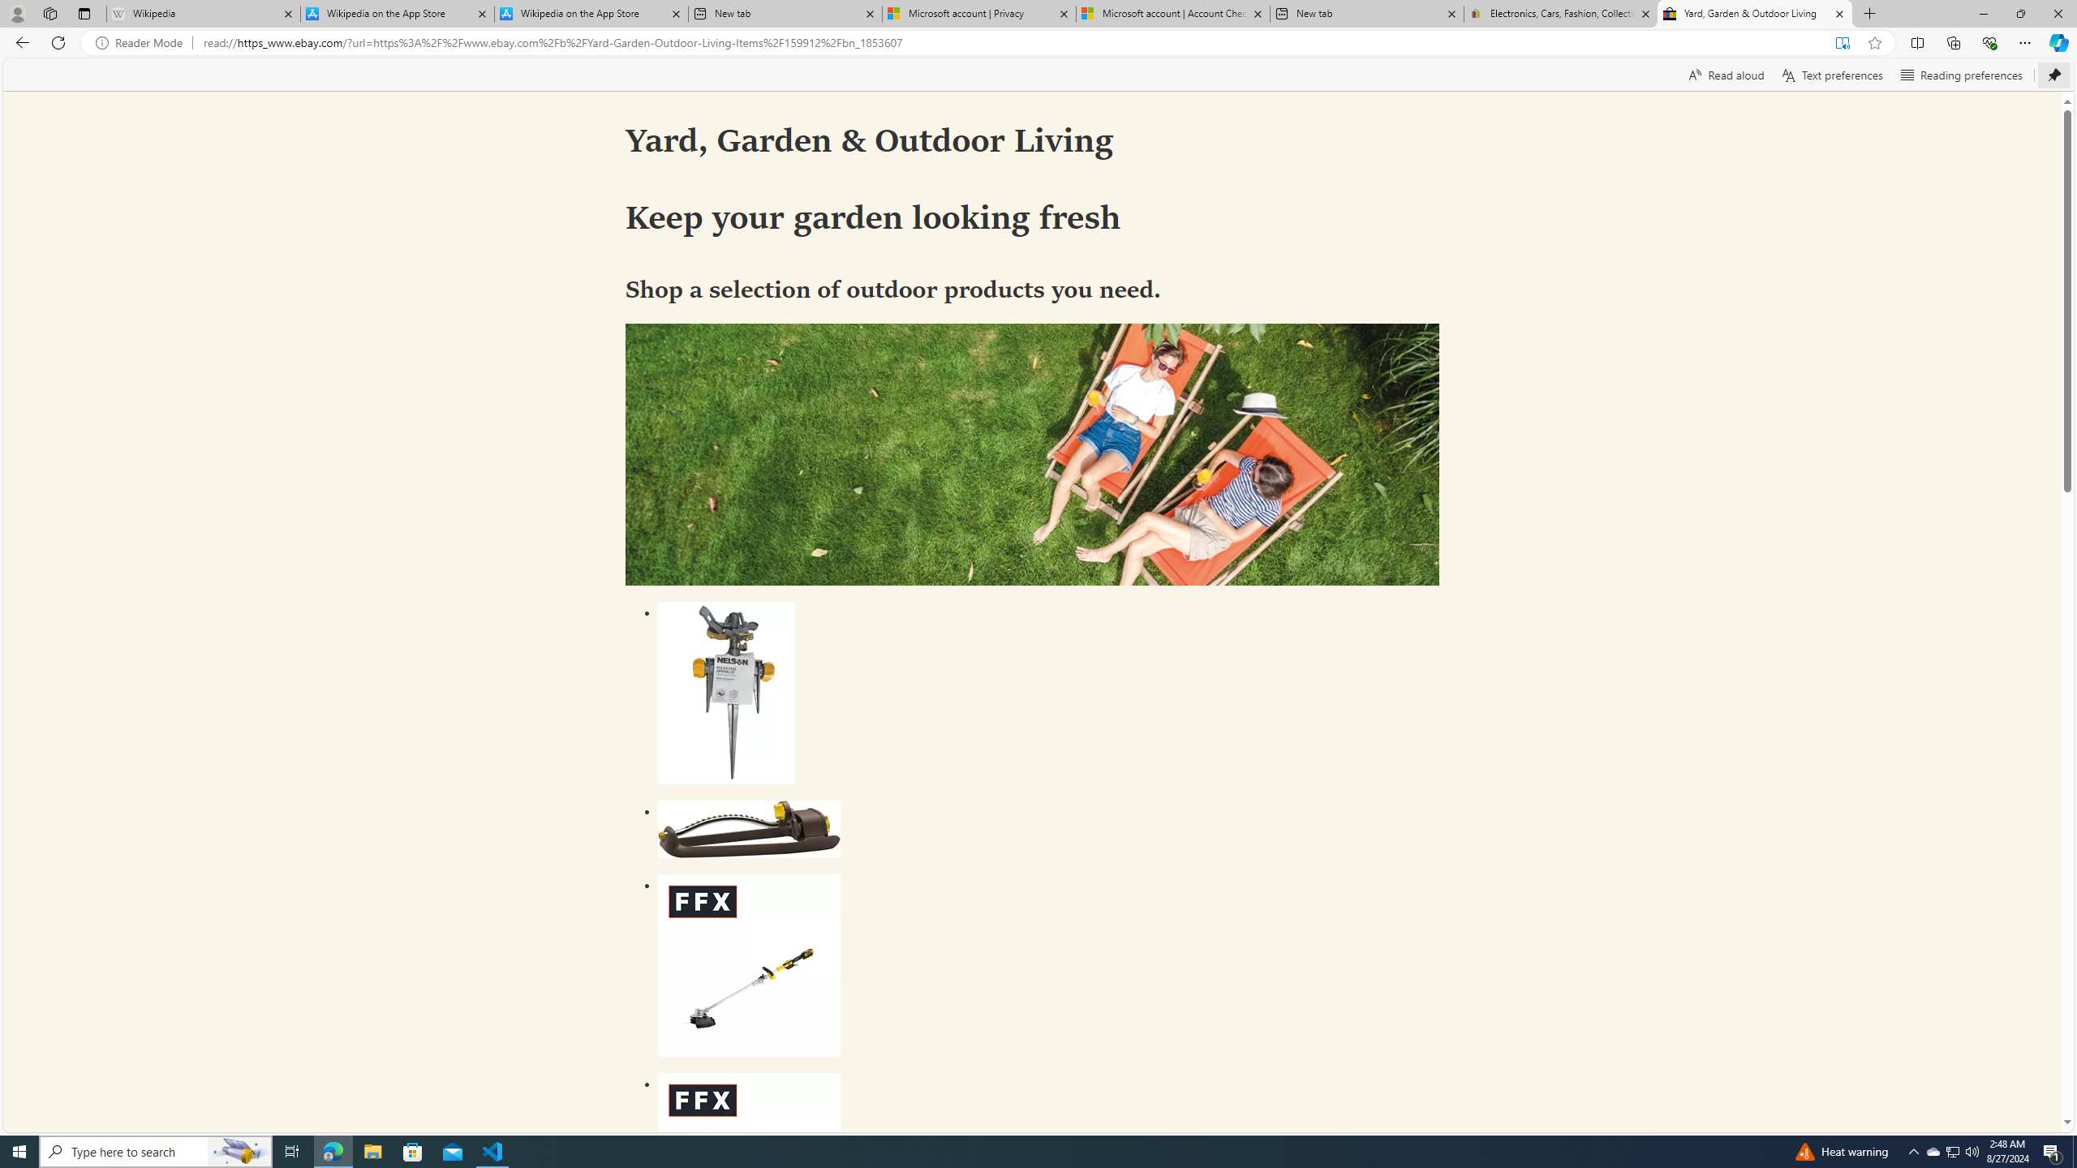 This screenshot has width=2077, height=1168. I want to click on 'Wikipedia - Sleeping', so click(202, 13).